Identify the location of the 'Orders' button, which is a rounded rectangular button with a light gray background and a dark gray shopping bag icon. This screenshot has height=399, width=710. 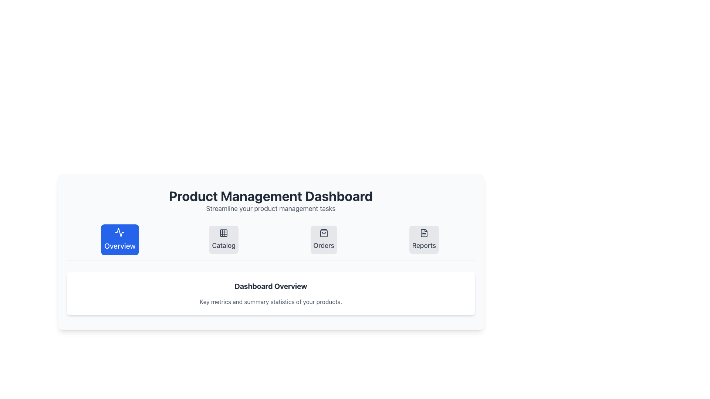
(324, 239).